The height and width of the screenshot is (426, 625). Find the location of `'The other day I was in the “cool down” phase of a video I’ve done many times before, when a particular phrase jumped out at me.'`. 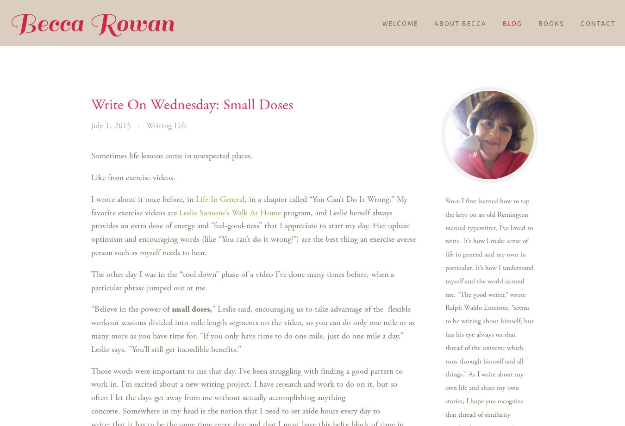

'The other day I was in the “cool down” phase of a video I’ve done many times before, when a particular phrase jumped out at me.' is located at coordinates (242, 280).